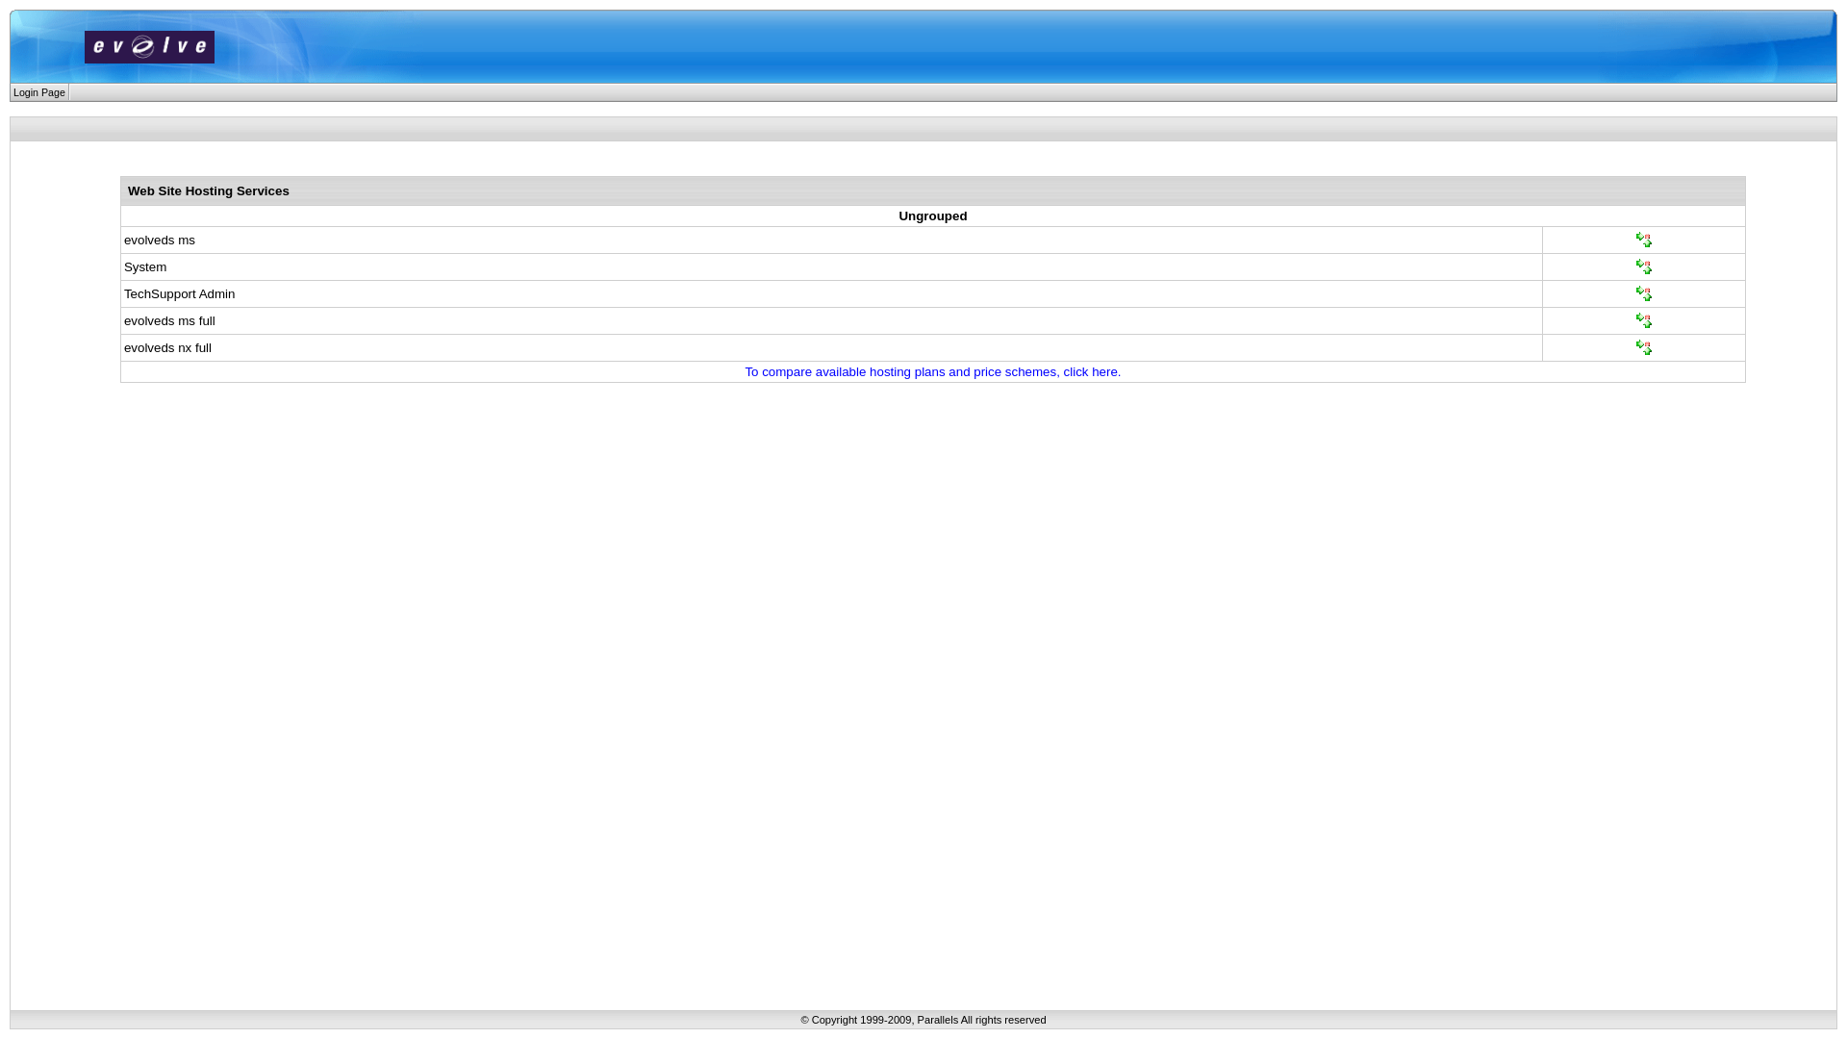 This screenshot has height=1039, width=1847. I want to click on 'TechSupport Admin', so click(180, 292).